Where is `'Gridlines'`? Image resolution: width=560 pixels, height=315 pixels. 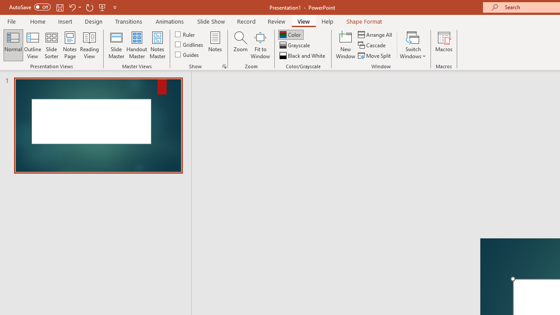 'Gridlines' is located at coordinates (189, 44).